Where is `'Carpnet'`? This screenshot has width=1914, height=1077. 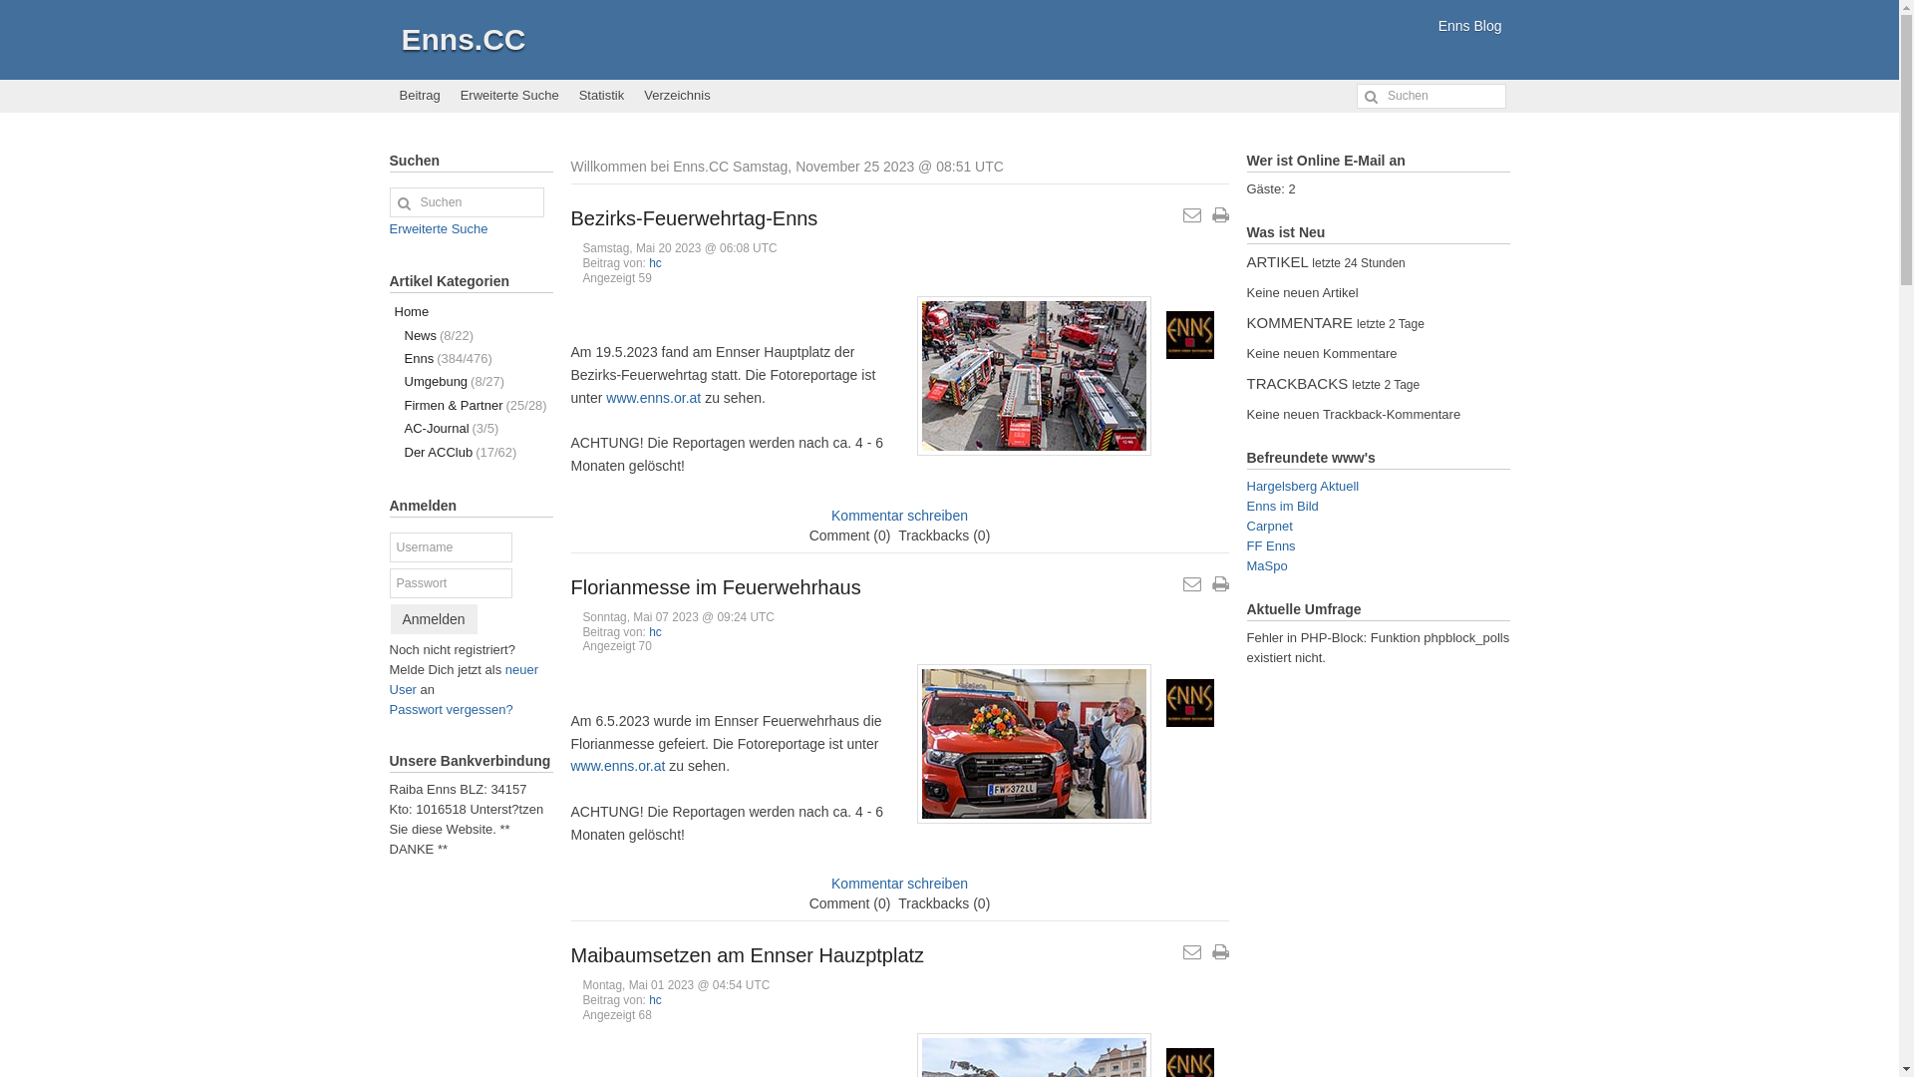
'Carpnet' is located at coordinates (1244, 525).